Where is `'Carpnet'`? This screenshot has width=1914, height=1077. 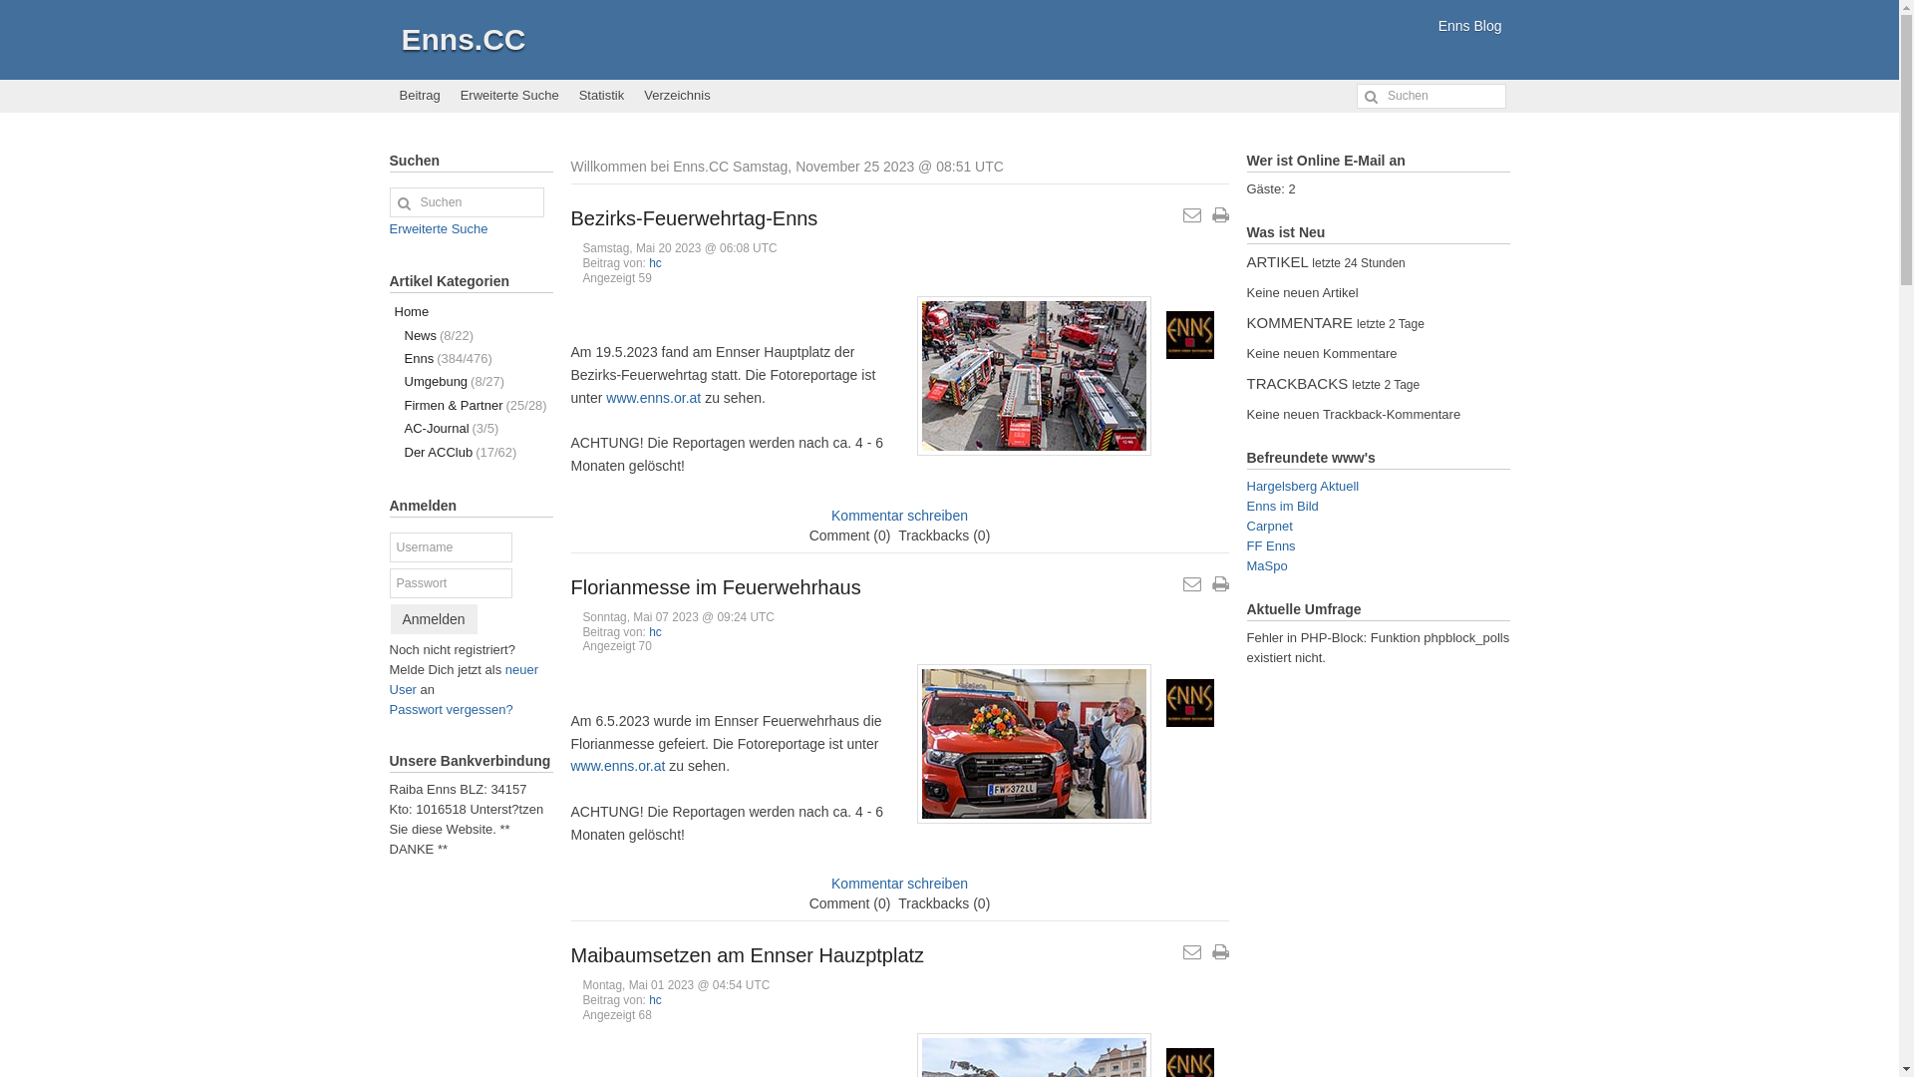
'Carpnet' is located at coordinates (1244, 525).